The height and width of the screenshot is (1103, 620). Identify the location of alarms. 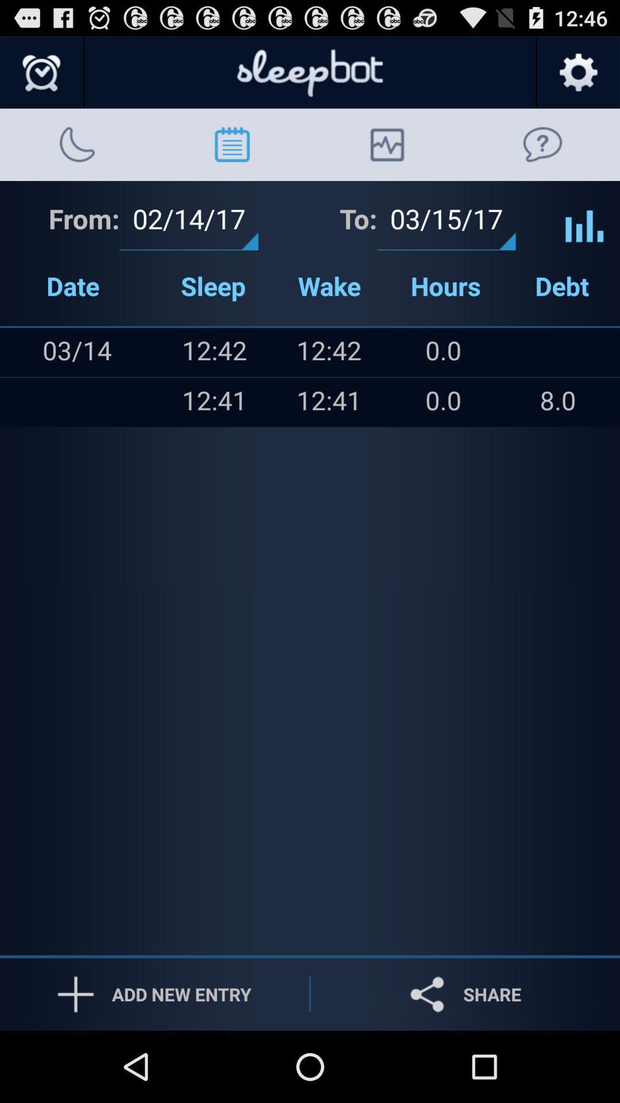
(41, 72).